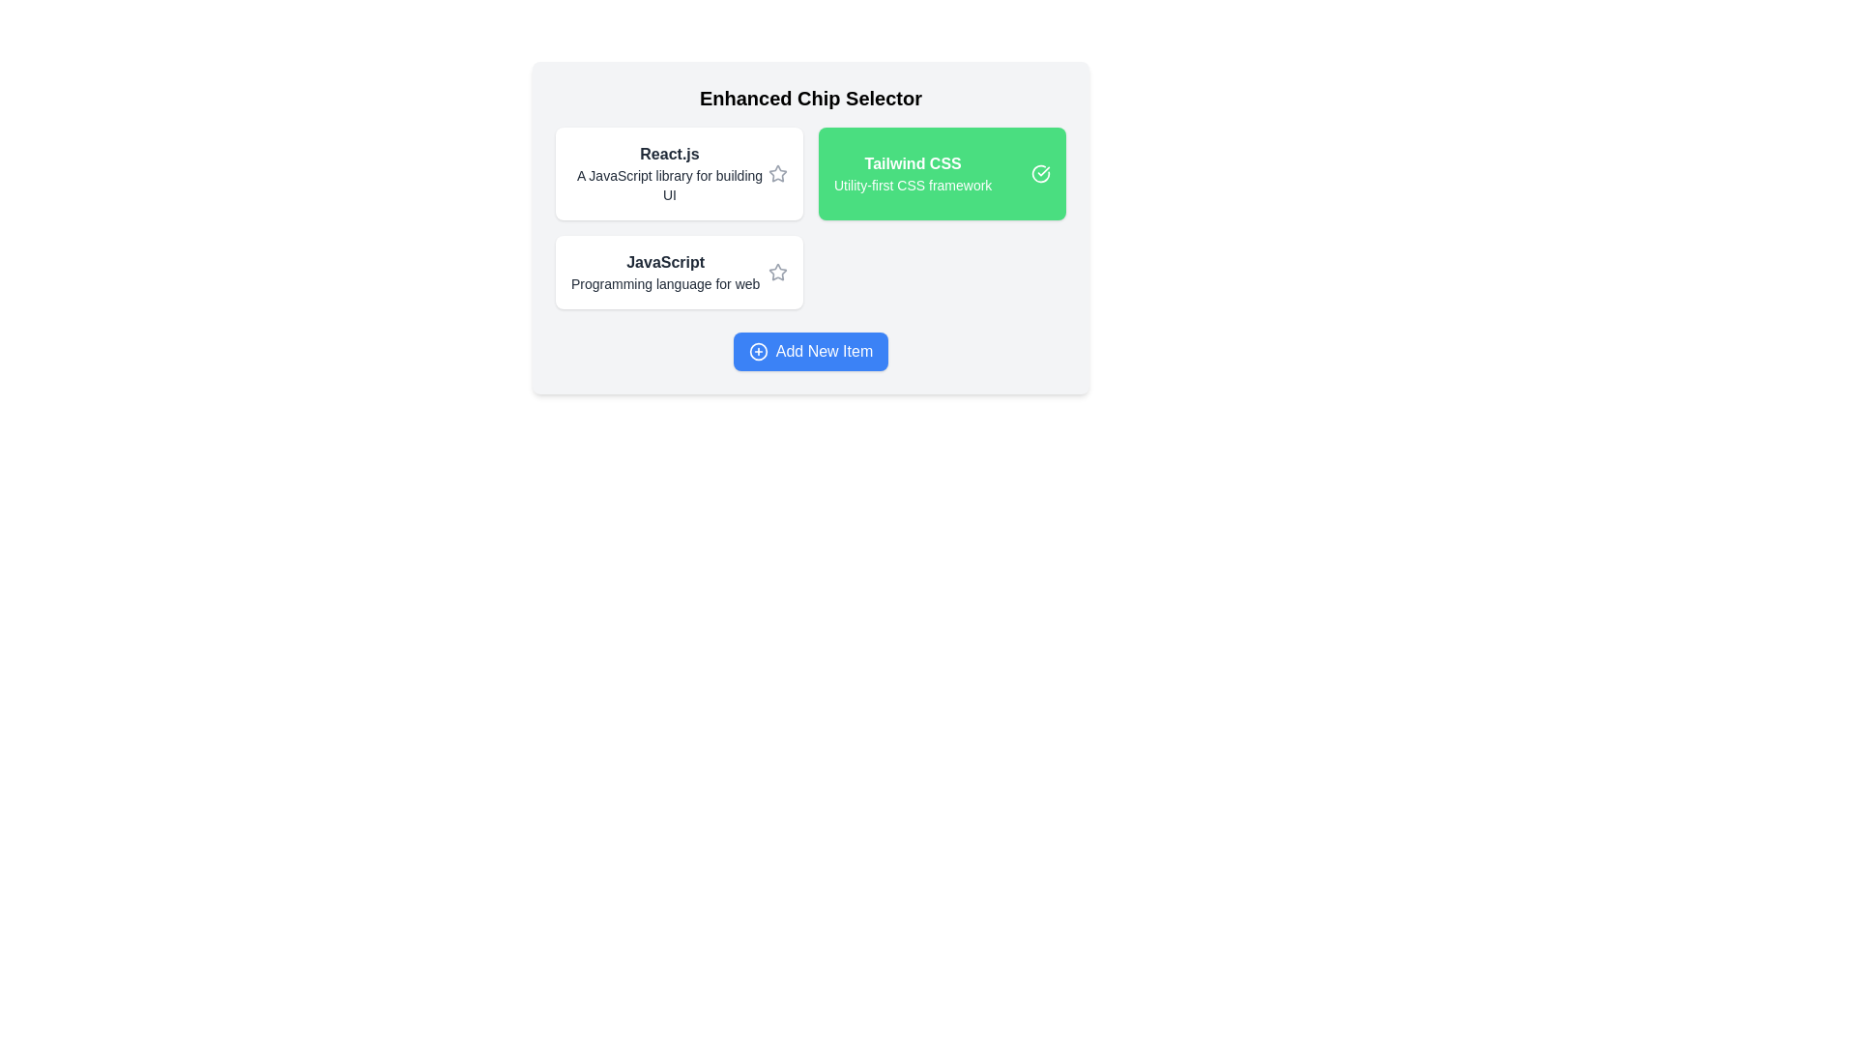 The width and height of the screenshot is (1856, 1044). I want to click on the 'Add New Item' button located at the bottom of the 'Enhanced Chip Selector' interface, so click(811, 351).